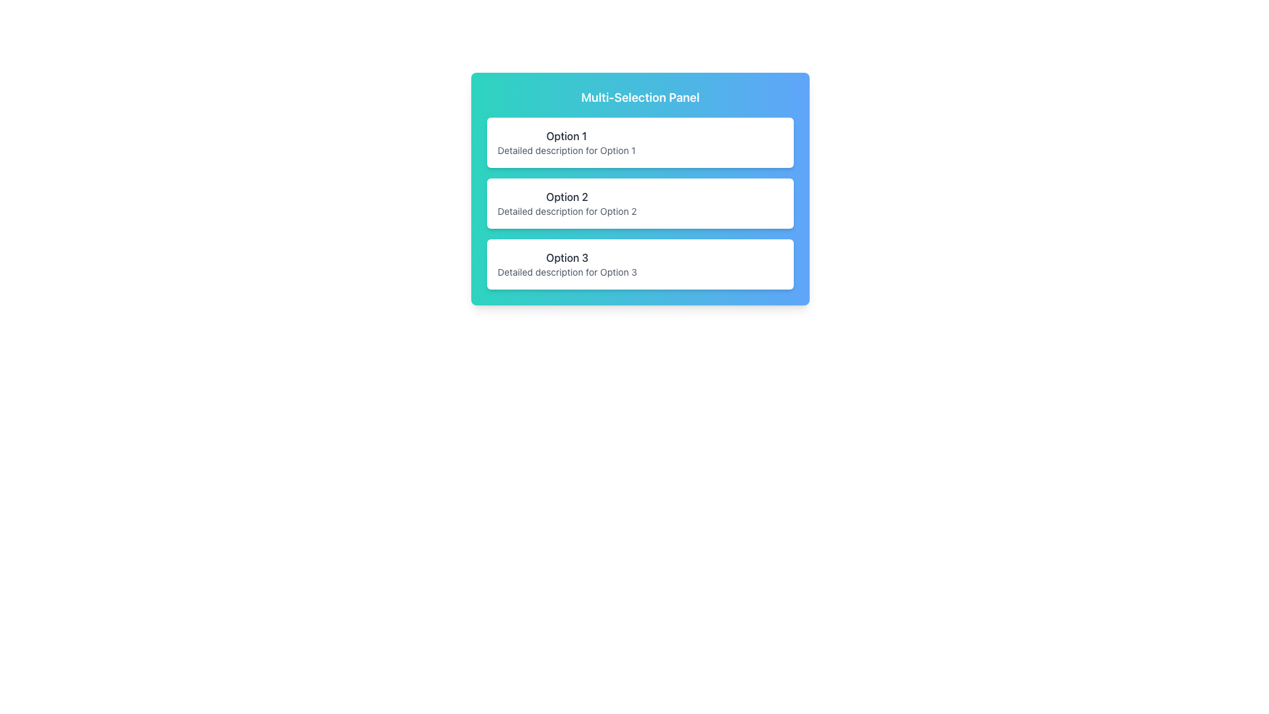 This screenshot has width=1269, height=714. I want to click on the text label 'Option 3' which is styled in a medium font weight and located in the bottommost panel of a vertically stacked list of three options, directly above the text 'Detailed description for Option 3', so click(567, 257).